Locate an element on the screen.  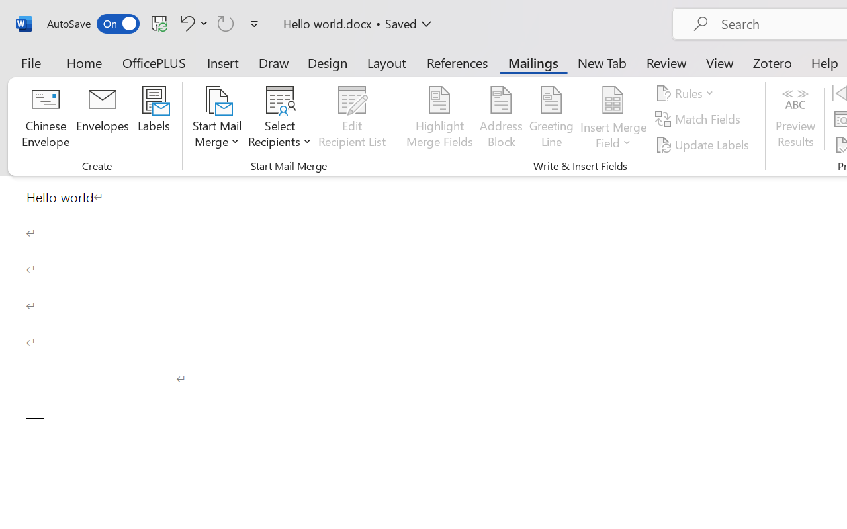
'Address Block...' is located at coordinates (500, 118).